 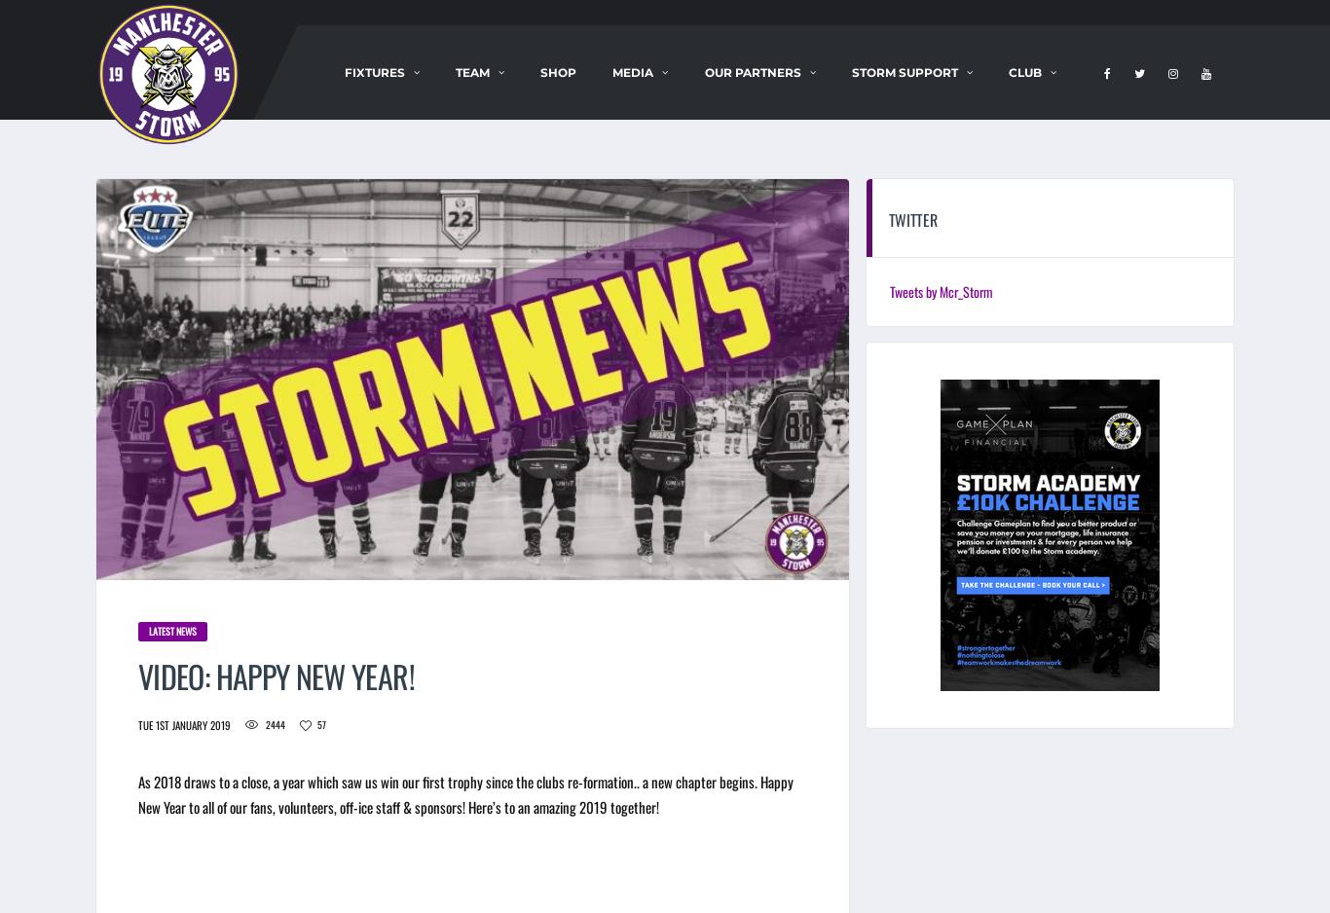 What do you see at coordinates (1018, 175) in the screenshot?
I see `'Contact'` at bounding box center [1018, 175].